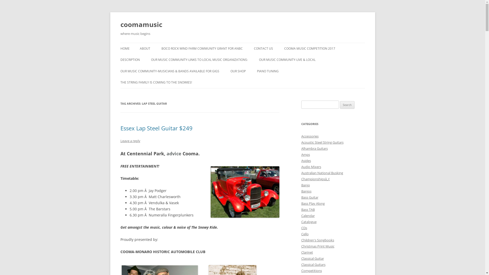 The width and height of the screenshot is (489, 275). I want to click on 'Banjo', so click(301, 185).